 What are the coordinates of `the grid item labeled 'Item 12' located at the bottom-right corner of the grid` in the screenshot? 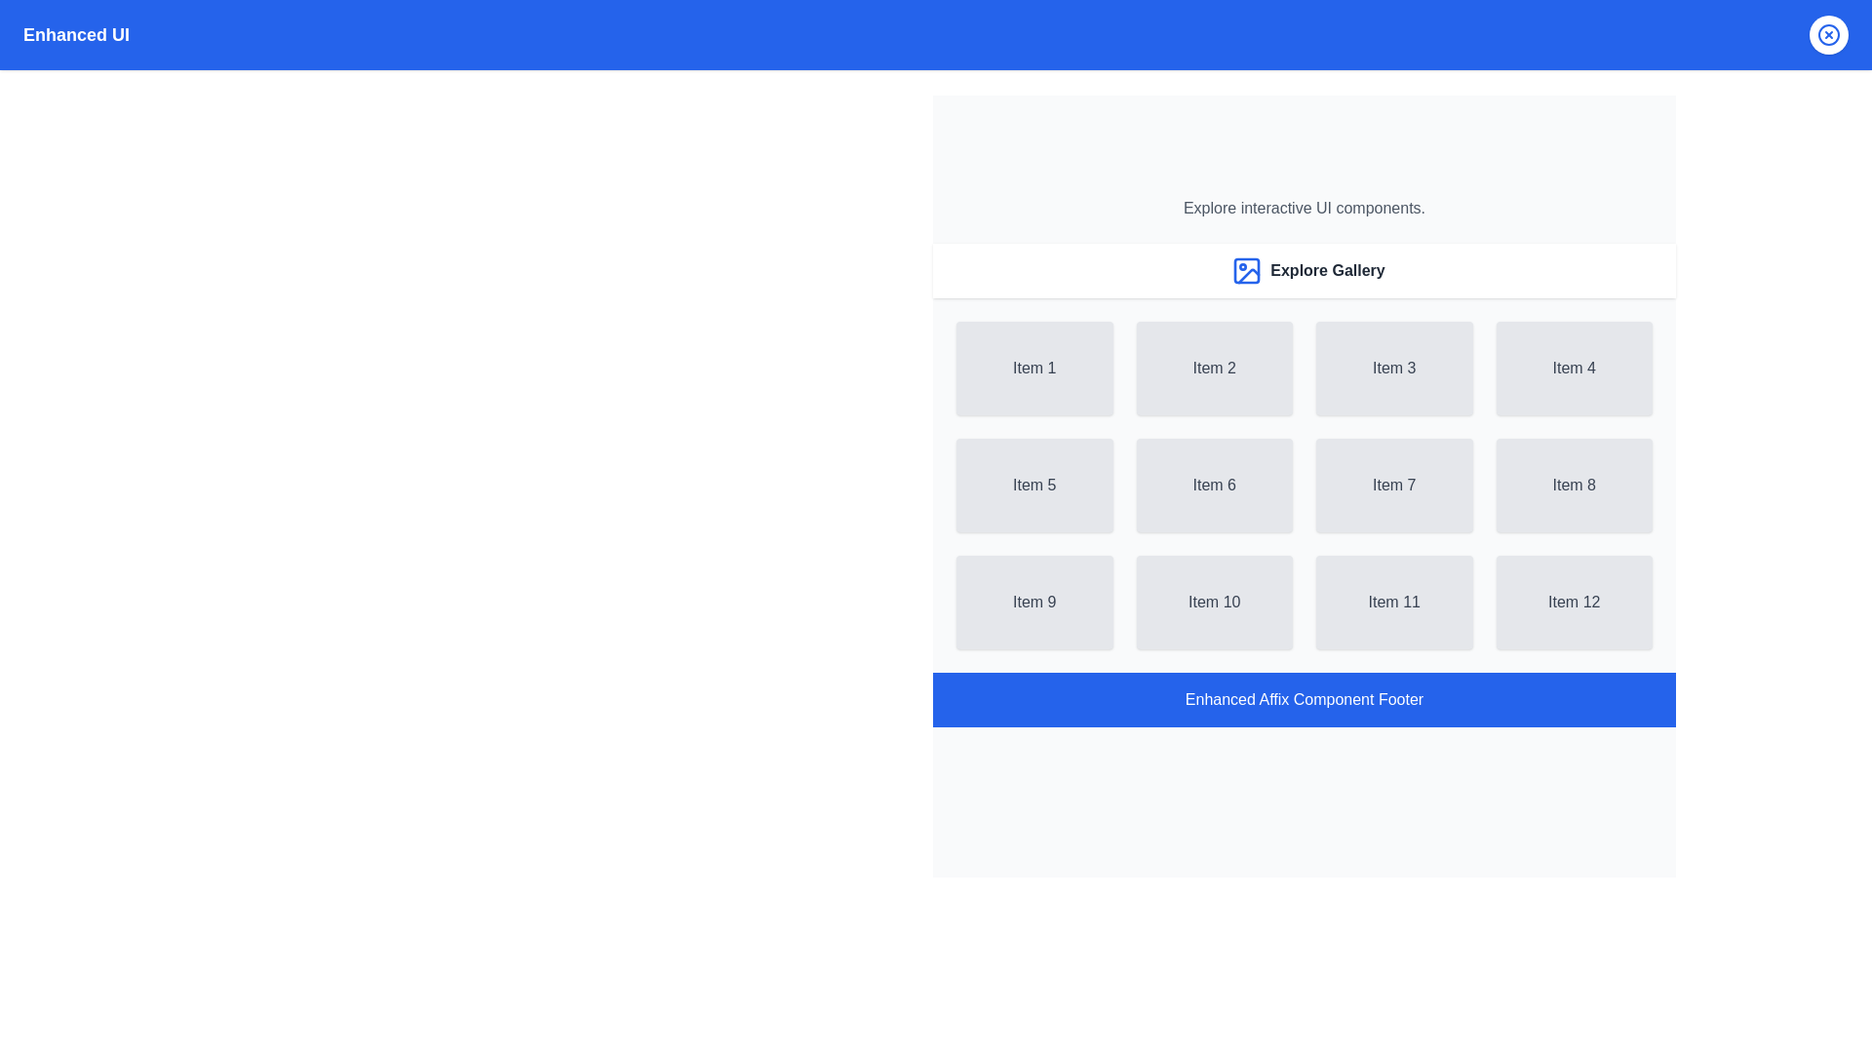 It's located at (1574, 601).